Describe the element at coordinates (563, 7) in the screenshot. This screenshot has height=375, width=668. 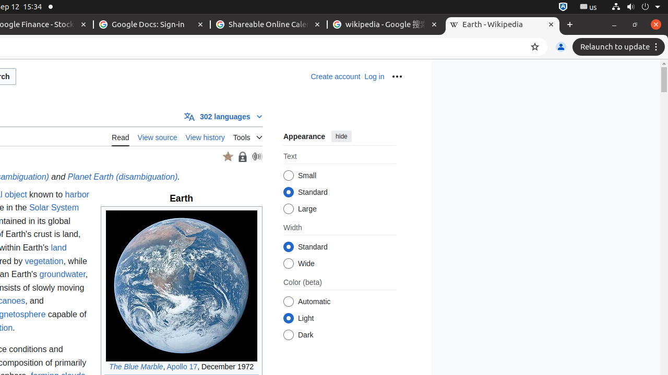
I see `':1.72/StatusNotifierItem'` at that location.